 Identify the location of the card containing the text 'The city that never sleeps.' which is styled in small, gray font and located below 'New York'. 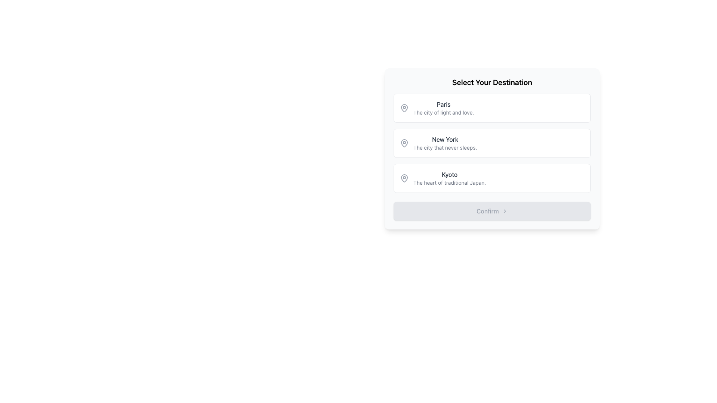
(445, 148).